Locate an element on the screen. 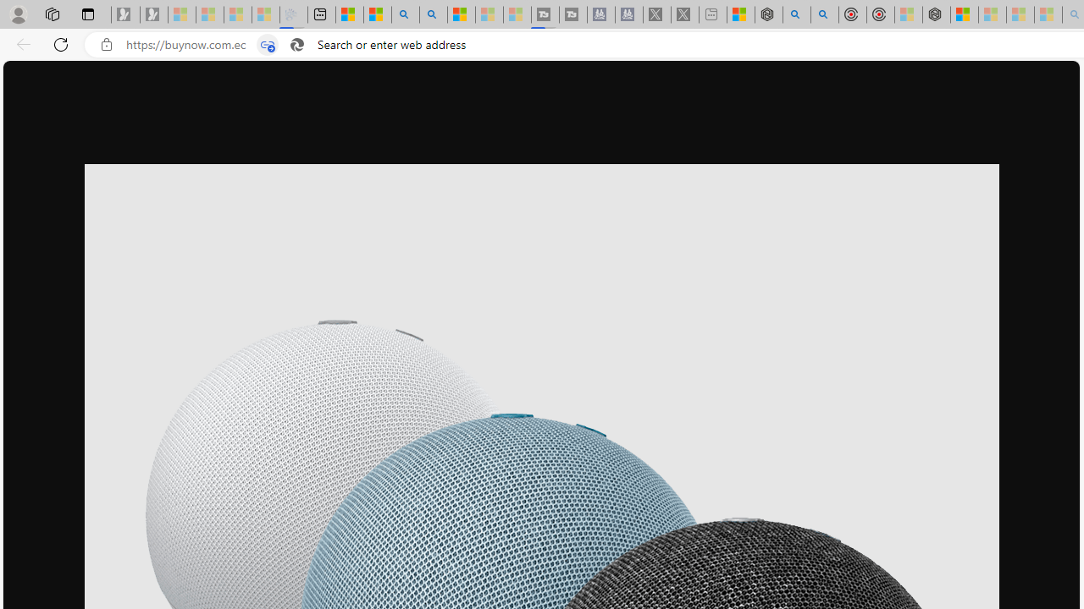 Image resolution: width=1084 pixels, height=609 pixels. 'X - Sleeping' is located at coordinates (684, 14).